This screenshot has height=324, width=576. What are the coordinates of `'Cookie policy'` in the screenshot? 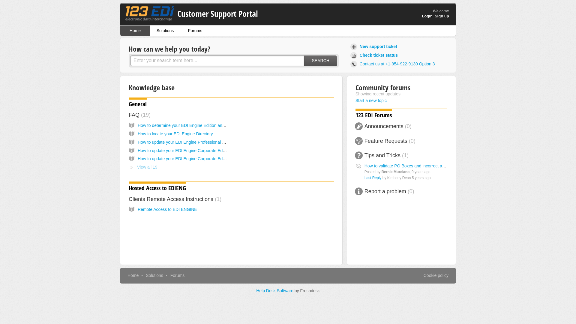 It's located at (436, 275).